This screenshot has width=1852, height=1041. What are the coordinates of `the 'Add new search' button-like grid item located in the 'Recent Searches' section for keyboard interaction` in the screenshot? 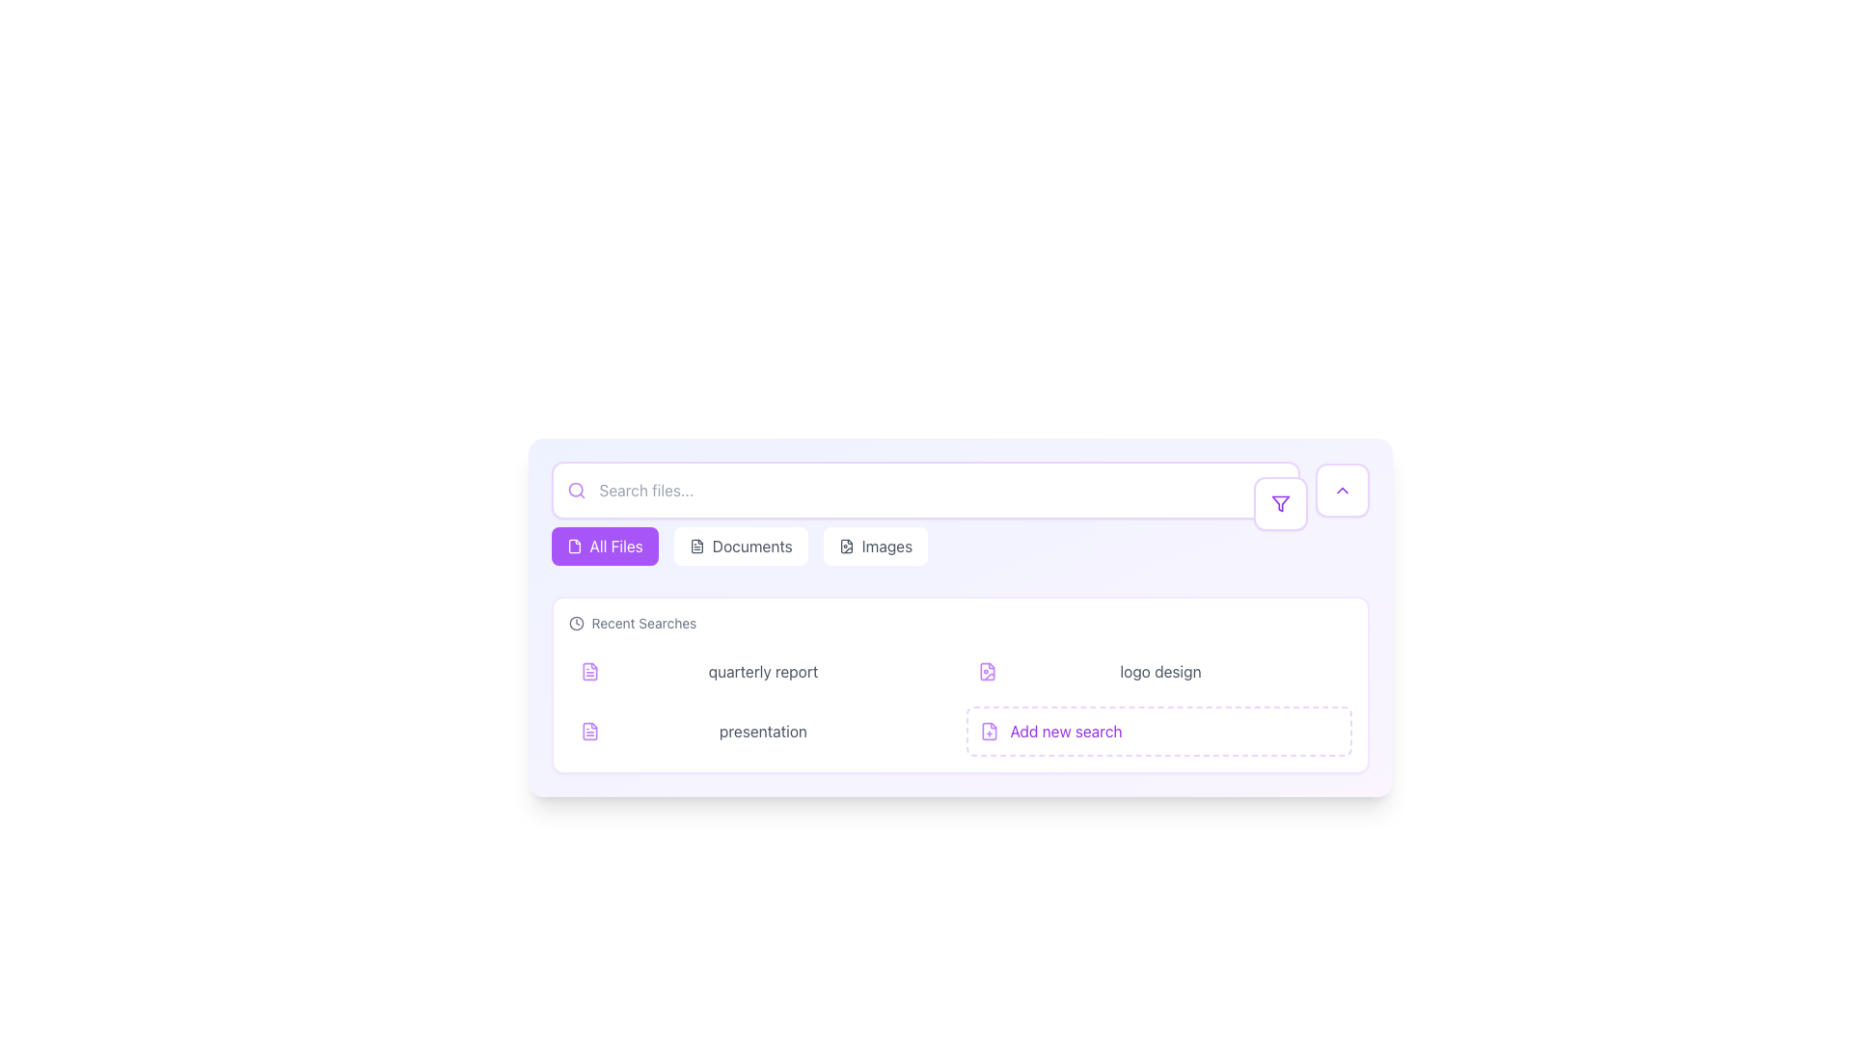 It's located at (960, 703).